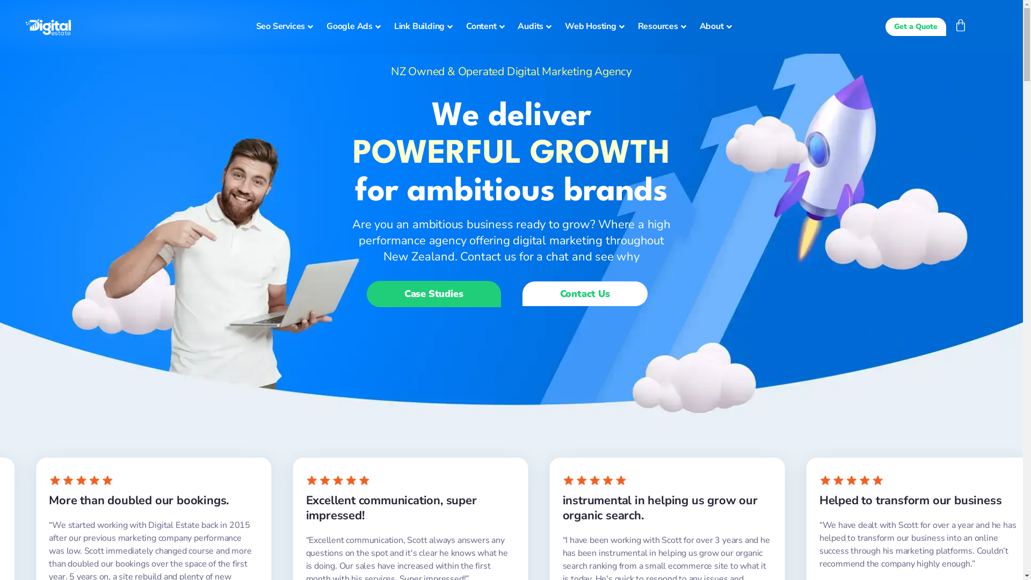  Describe the element at coordinates (486, 26) in the screenshot. I see `'Content'` at that location.